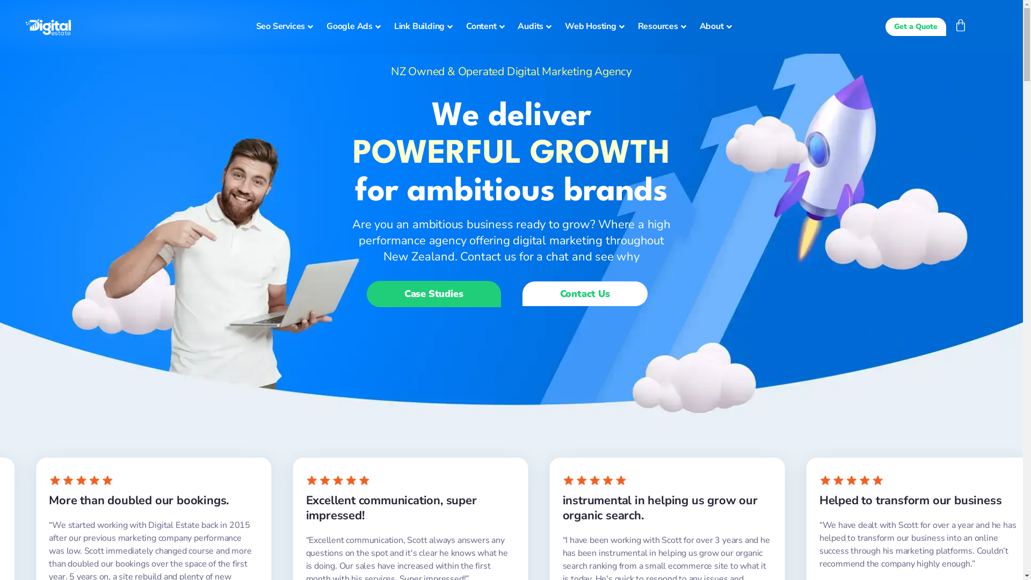  Describe the element at coordinates (486, 26) in the screenshot. I see `'Content'` at that location.